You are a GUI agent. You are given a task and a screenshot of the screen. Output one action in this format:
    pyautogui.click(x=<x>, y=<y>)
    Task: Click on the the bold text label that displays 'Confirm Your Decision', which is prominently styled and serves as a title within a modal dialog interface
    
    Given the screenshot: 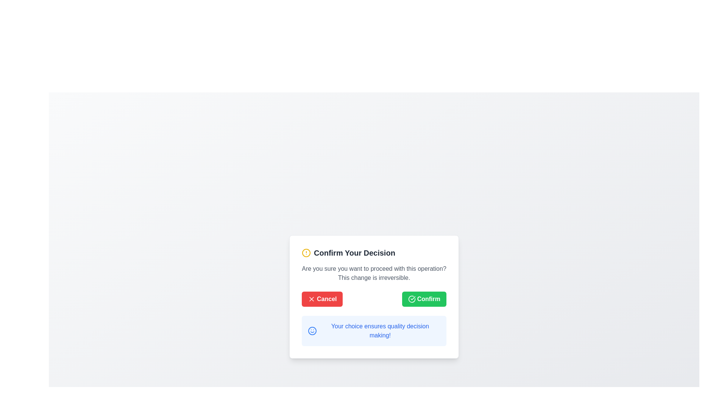 What is the action you would take?
    pyautogui.click(x=354, y=253)
    